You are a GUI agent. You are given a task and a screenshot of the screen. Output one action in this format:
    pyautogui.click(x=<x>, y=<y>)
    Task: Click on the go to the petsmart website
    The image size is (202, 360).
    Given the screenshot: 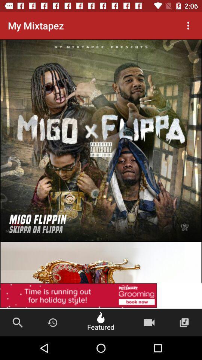 What is the action you would take?
    pyautogui.click(x=101, y=241)
    